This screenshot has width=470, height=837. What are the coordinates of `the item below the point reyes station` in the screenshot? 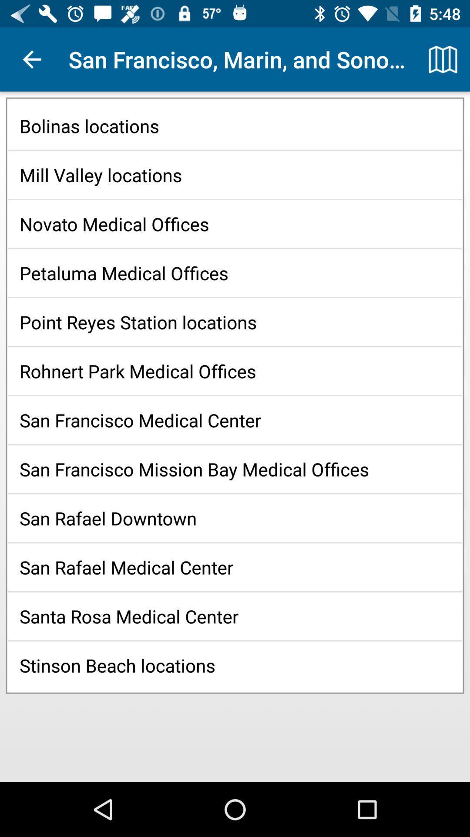 It's located at (235, 371).